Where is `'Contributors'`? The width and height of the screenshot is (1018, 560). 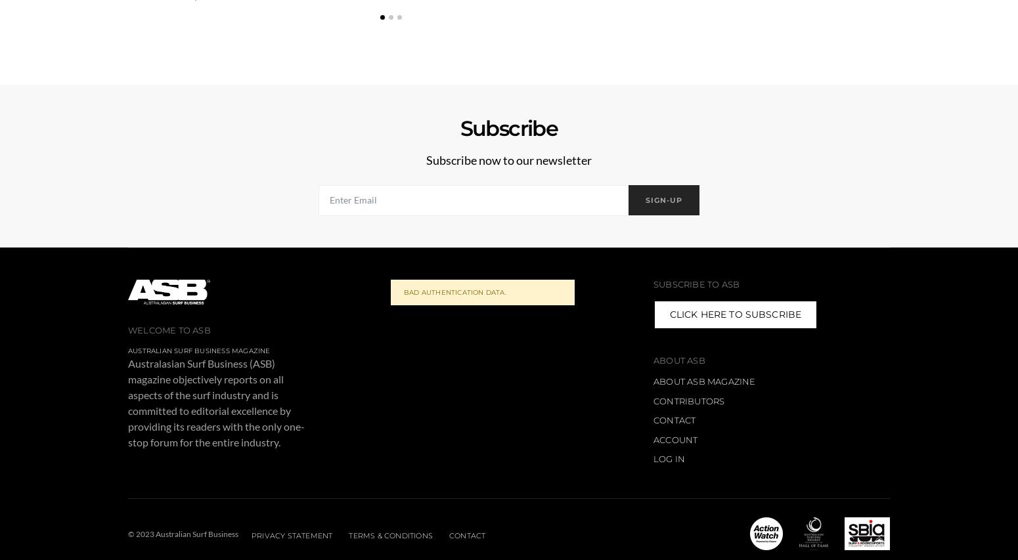 'Contributors' is located at coordinates (689, 399).